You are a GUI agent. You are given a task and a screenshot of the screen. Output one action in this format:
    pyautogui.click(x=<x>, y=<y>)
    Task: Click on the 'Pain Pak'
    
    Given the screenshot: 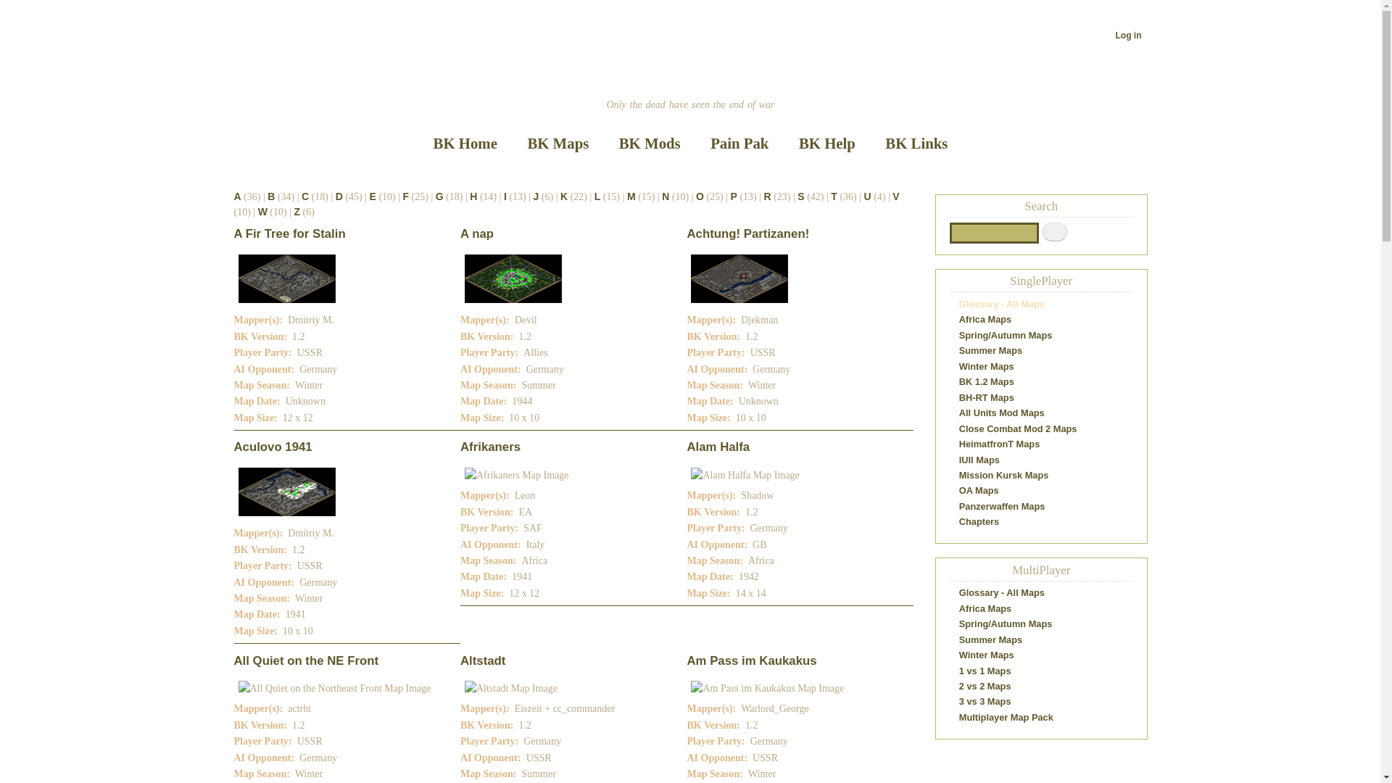 What is the action you would take?
    pyautogui.click(x=739, y=143)
    